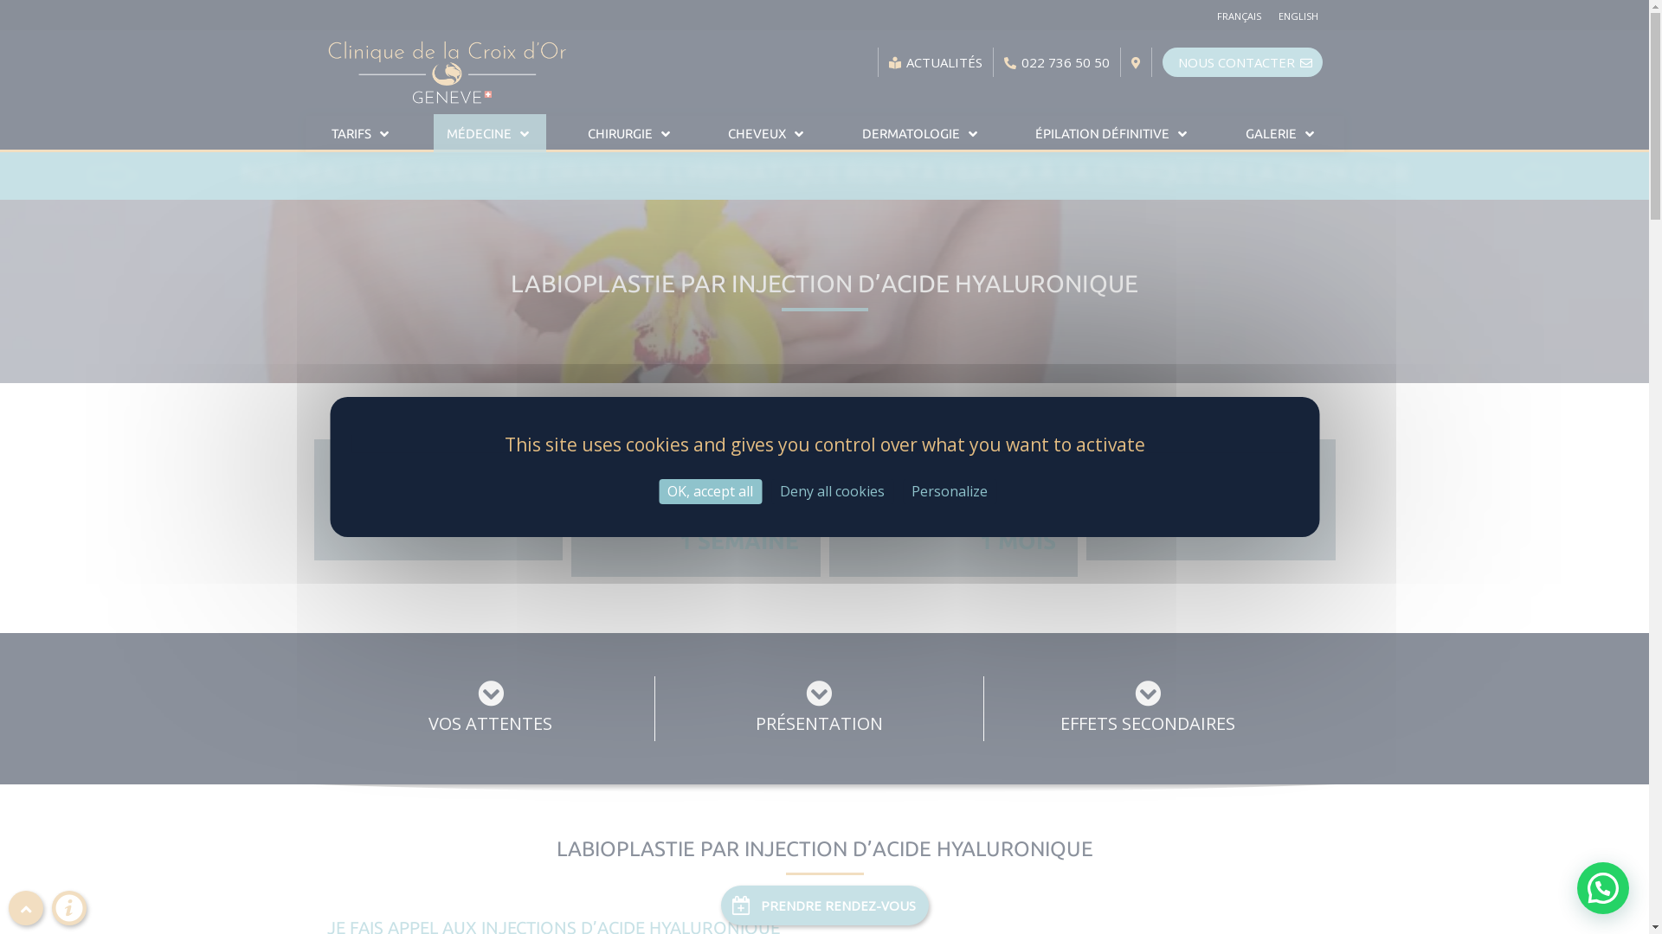  Describe the element at coordinates (1055, 61) in the screenshot. I see `'022 736 50 50'` at that location.